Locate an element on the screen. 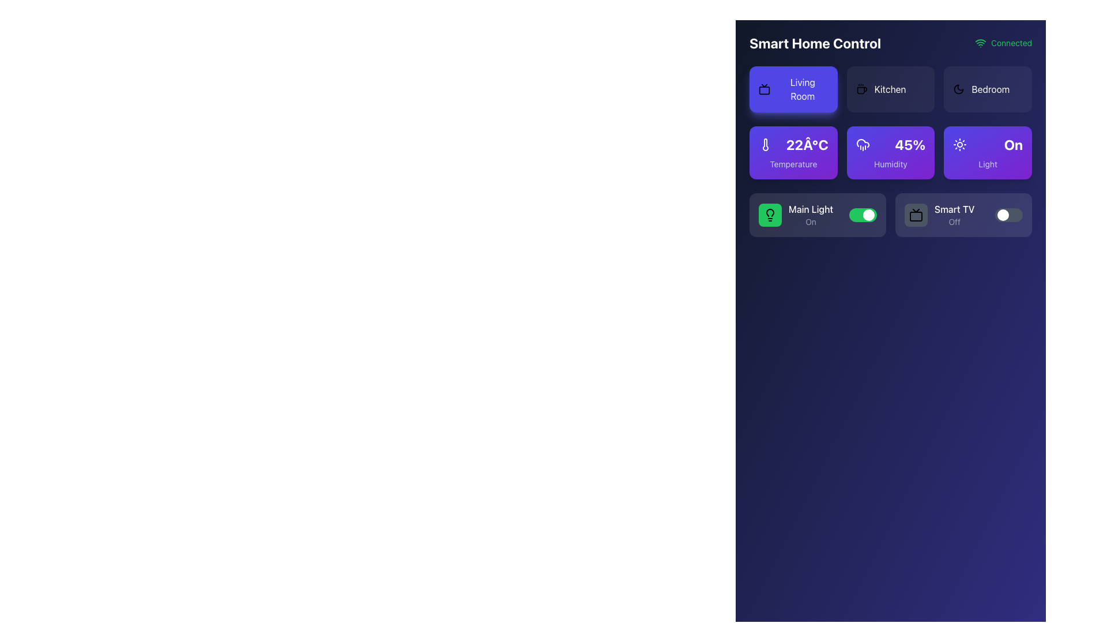 Image resolution: width=1107 pixels, height=623 pixels. the toggle switch for the 'Main Light' control located in the 'Smart Home Control' section is located at coordinates (817, 215).